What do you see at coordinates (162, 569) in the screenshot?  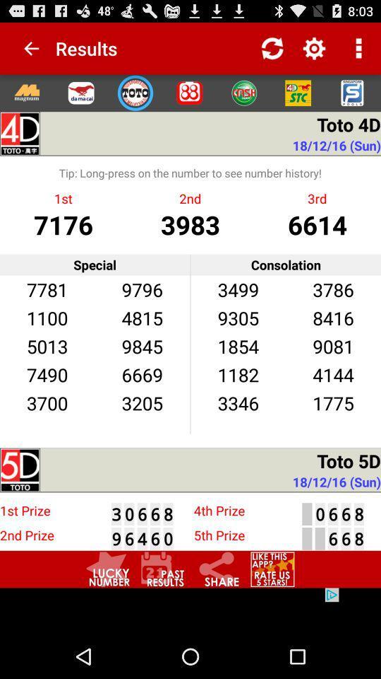 I see `'past results` at bounding box center [162, 569].